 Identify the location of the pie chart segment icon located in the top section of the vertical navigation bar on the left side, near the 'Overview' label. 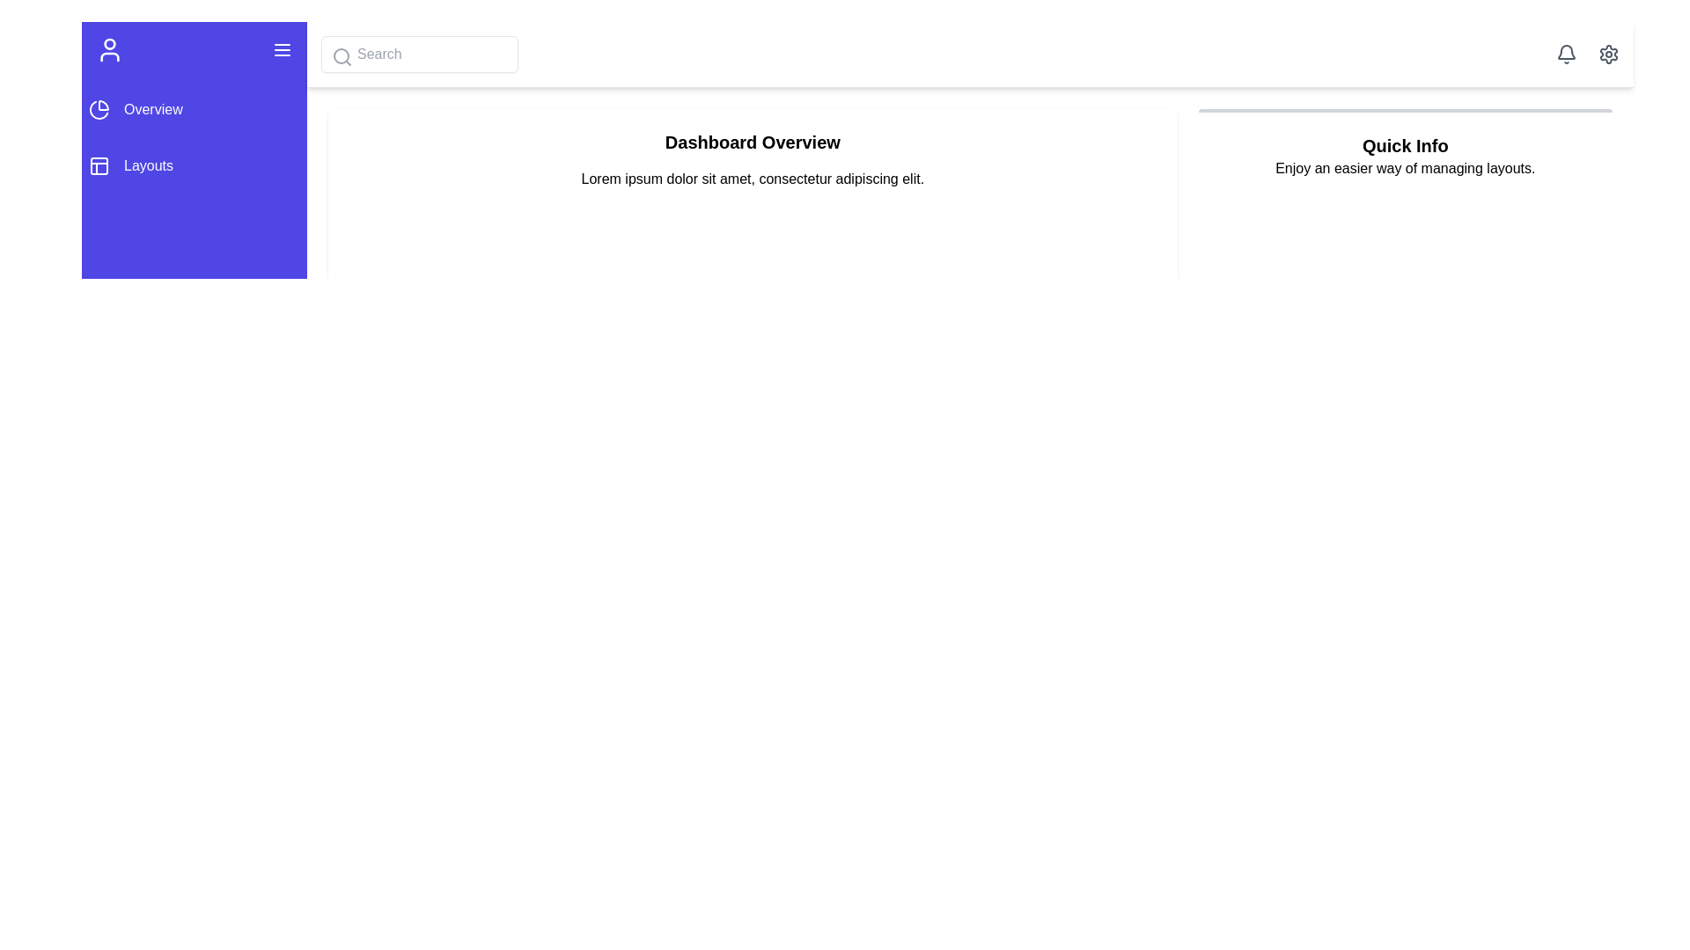
(98, 110).